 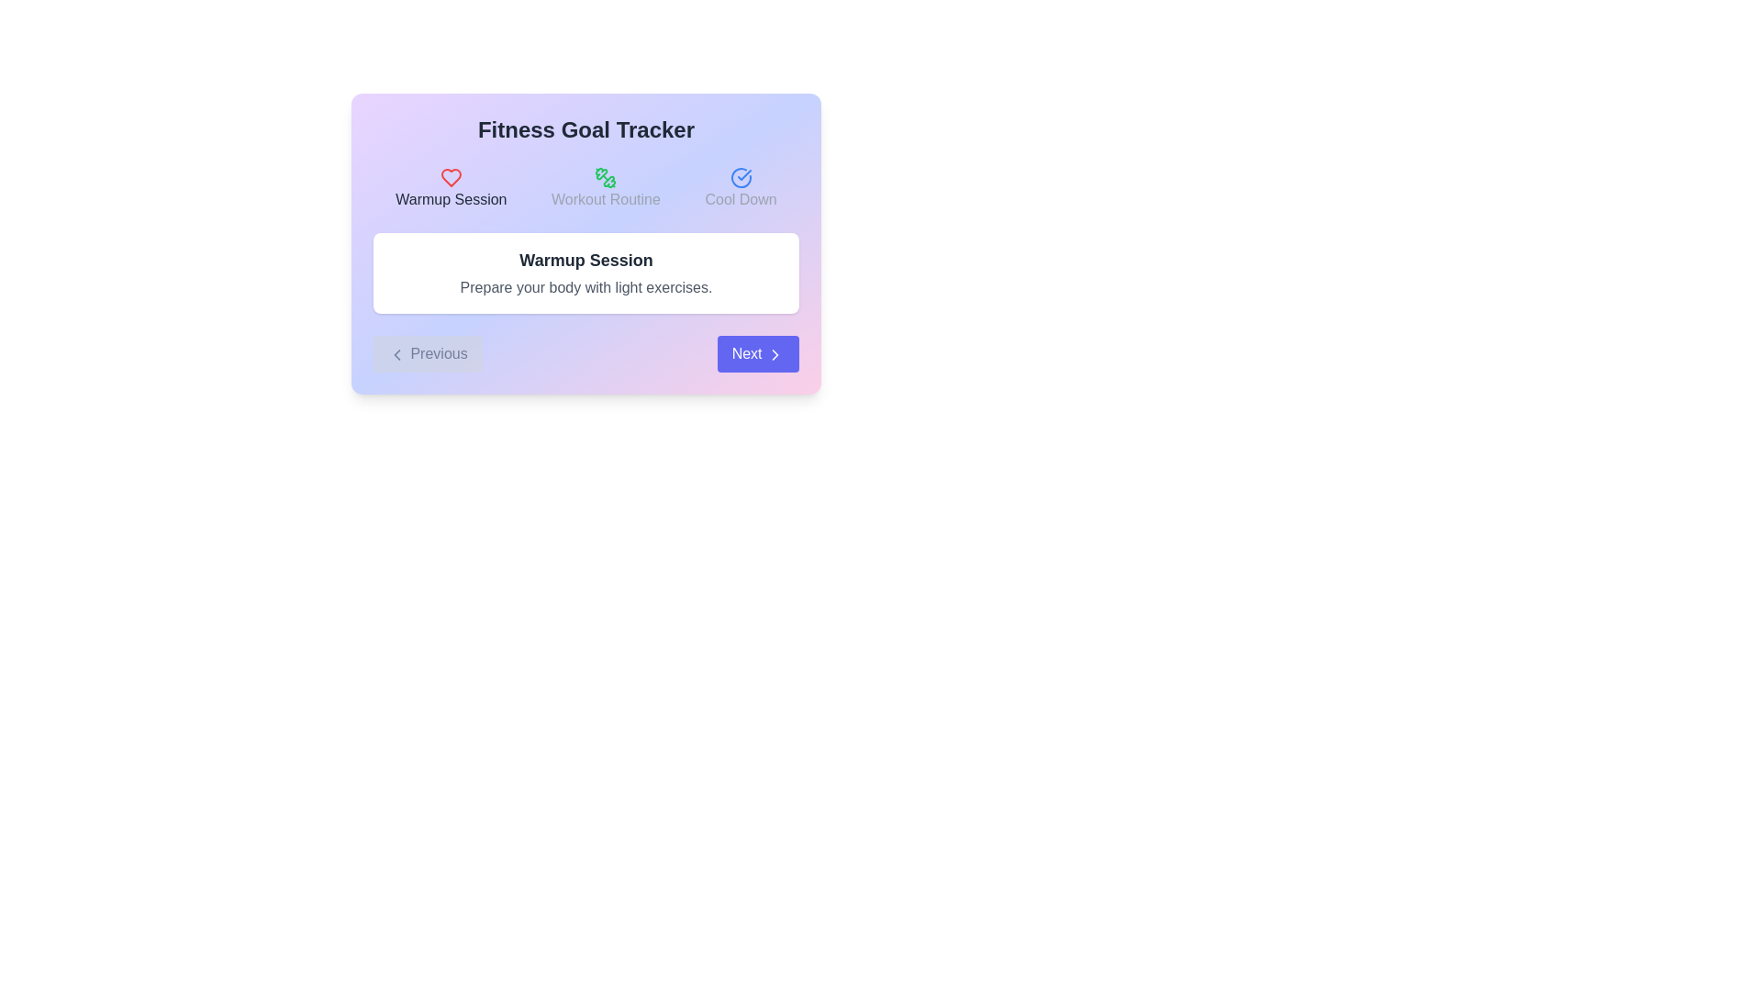 What do you see at coordinates (606, 188) in the screenshot?
I see `the 'Workout Routine' text label with a decorative green dumbbell icon` at bounding box center [606, 188].